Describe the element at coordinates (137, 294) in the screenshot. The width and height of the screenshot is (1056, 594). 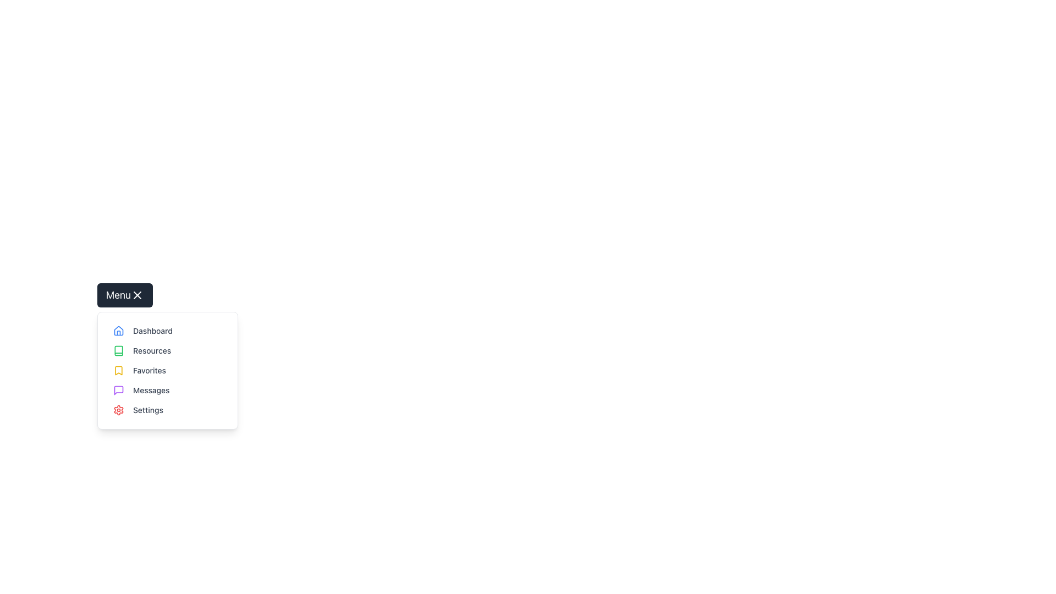
I see `the close icon button, which is a white 'X' shape against a dark rounded background, located to the right of the word 'Menu' in the menu header` at that location.